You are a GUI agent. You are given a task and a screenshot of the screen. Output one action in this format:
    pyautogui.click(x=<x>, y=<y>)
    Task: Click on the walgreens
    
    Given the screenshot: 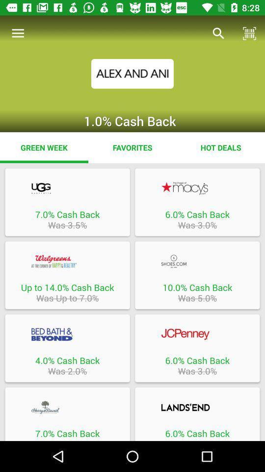 What is the action you would take?
    pyautogui.click(x=67, y=261)
    